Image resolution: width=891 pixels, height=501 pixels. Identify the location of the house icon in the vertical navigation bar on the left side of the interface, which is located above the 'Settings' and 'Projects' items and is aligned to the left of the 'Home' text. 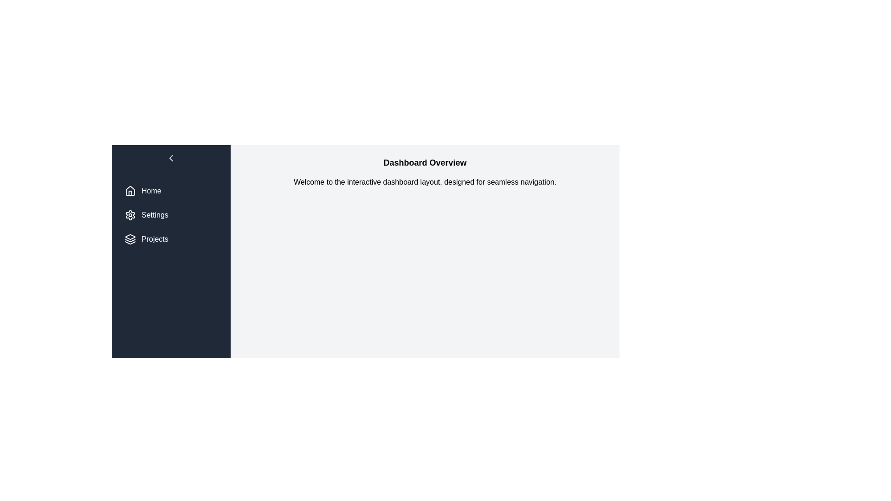
(130, 190).